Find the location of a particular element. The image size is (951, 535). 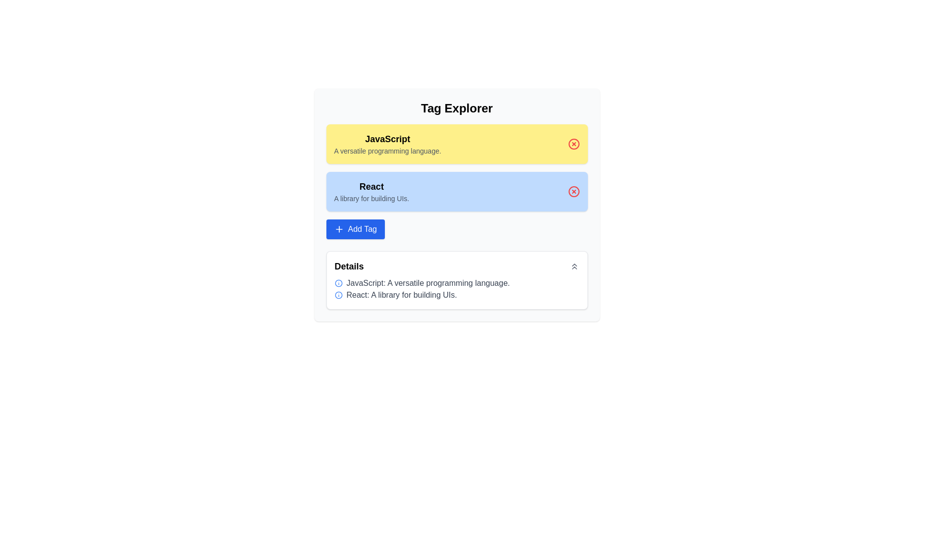

the delete icon located on the right end of the 'React' section in the 'Tag Explorer' interface is located at coordinates (574, 191).